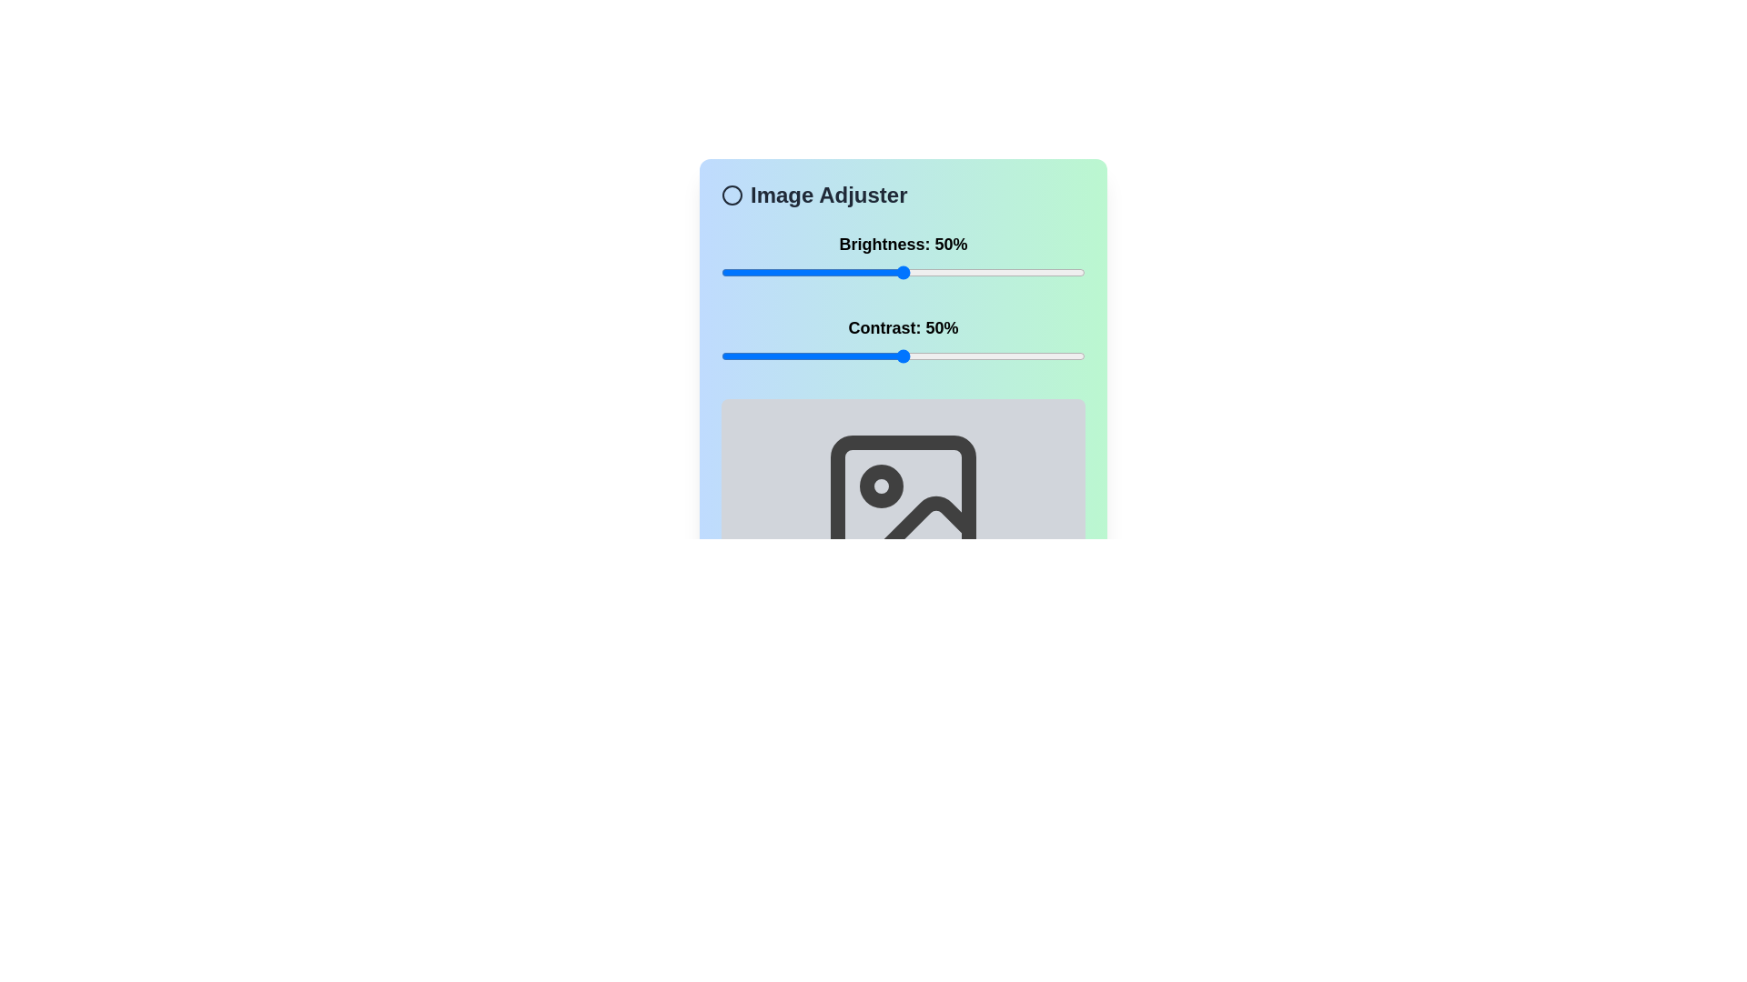  I want to click on the brightness slider to 96%, so click(1070, 273).